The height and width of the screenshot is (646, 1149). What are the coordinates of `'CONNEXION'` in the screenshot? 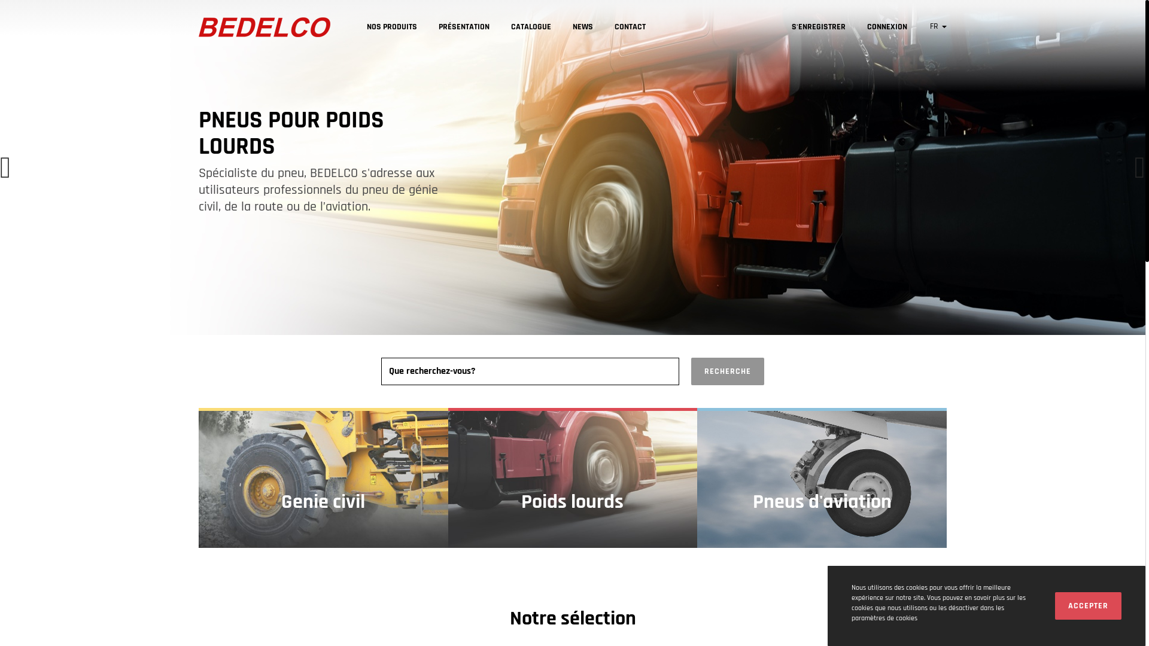 It's located at (887, 26).